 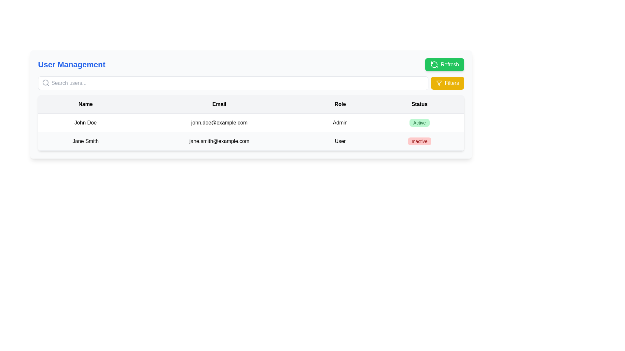 What do you see at coordinates (219, 141) in the screenshot?
I see `the text display element that shows 'jane.smith@example.com'` at bounding box center [219, 141].